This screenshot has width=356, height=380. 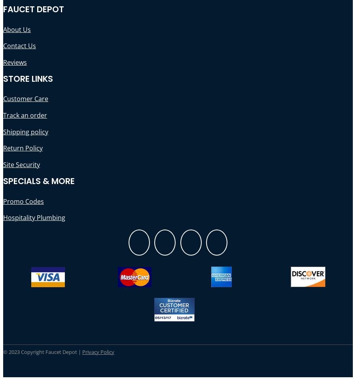 I want to click on 'Contact Us', so click(x=19, y=45).